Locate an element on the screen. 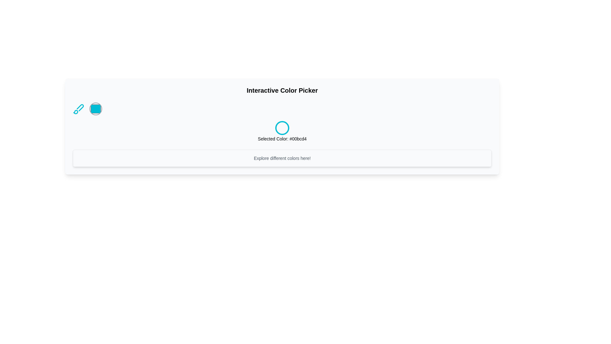 Image resolution: width=611 pixels, height=344 pixels. the text box containing the content 'Explore different colors here!' located at the bottom of the 'Interactive Color Picker' section is located at coordinates (282, 158).